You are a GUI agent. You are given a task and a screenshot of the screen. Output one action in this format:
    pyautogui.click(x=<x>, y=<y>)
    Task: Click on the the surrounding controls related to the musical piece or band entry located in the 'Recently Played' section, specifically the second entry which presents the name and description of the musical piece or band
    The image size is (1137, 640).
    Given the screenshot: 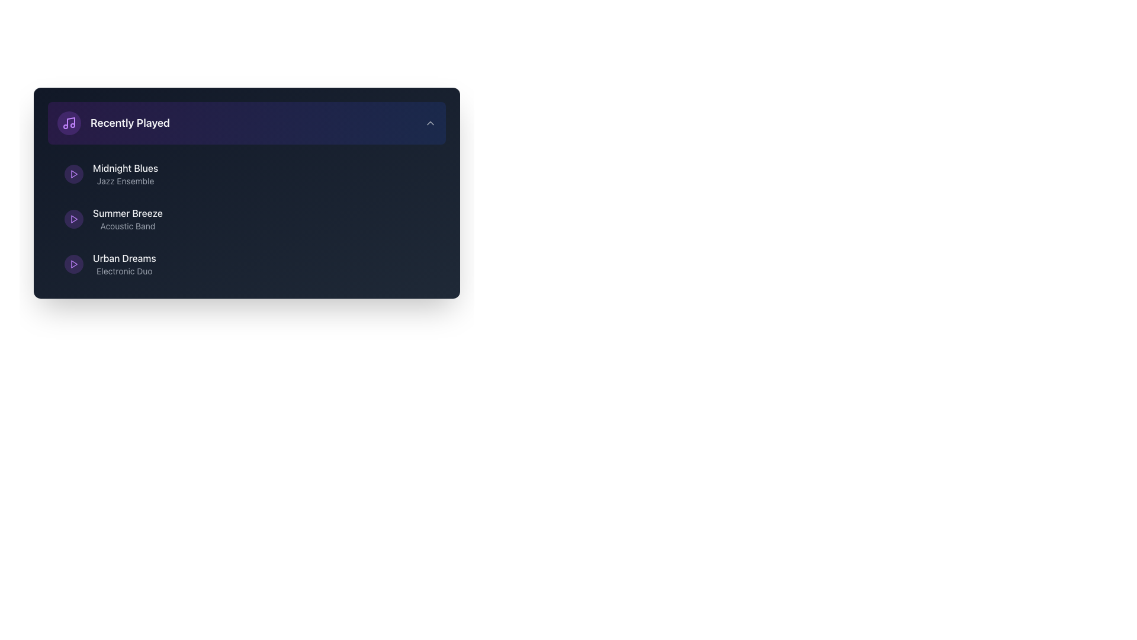 What is the action you would take?
    pyautogui.click(x=113, y=219)
    